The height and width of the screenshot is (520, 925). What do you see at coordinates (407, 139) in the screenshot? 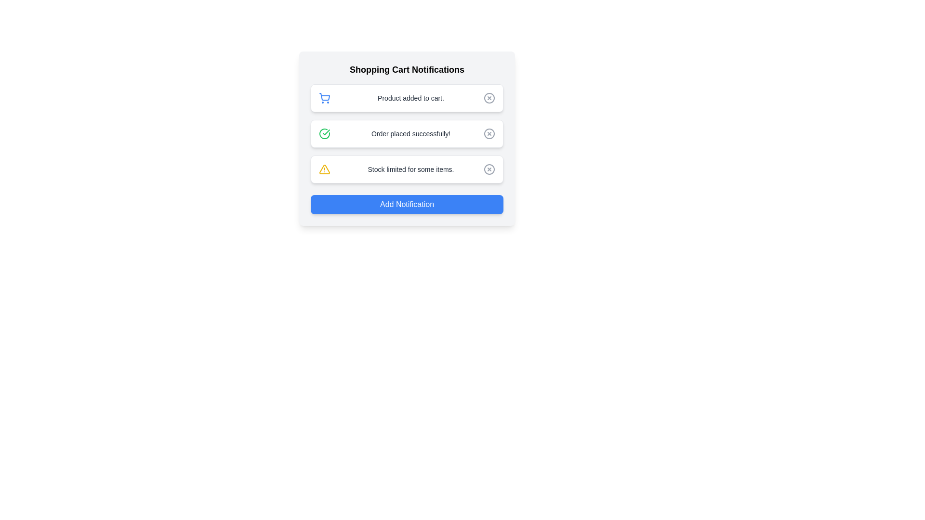
I see `the second notification card in the vertical list of Shopping Cart Notifications, which contains a green check mark icon and the message 'Order placed successfully!'` at bounding box center [407, 139].